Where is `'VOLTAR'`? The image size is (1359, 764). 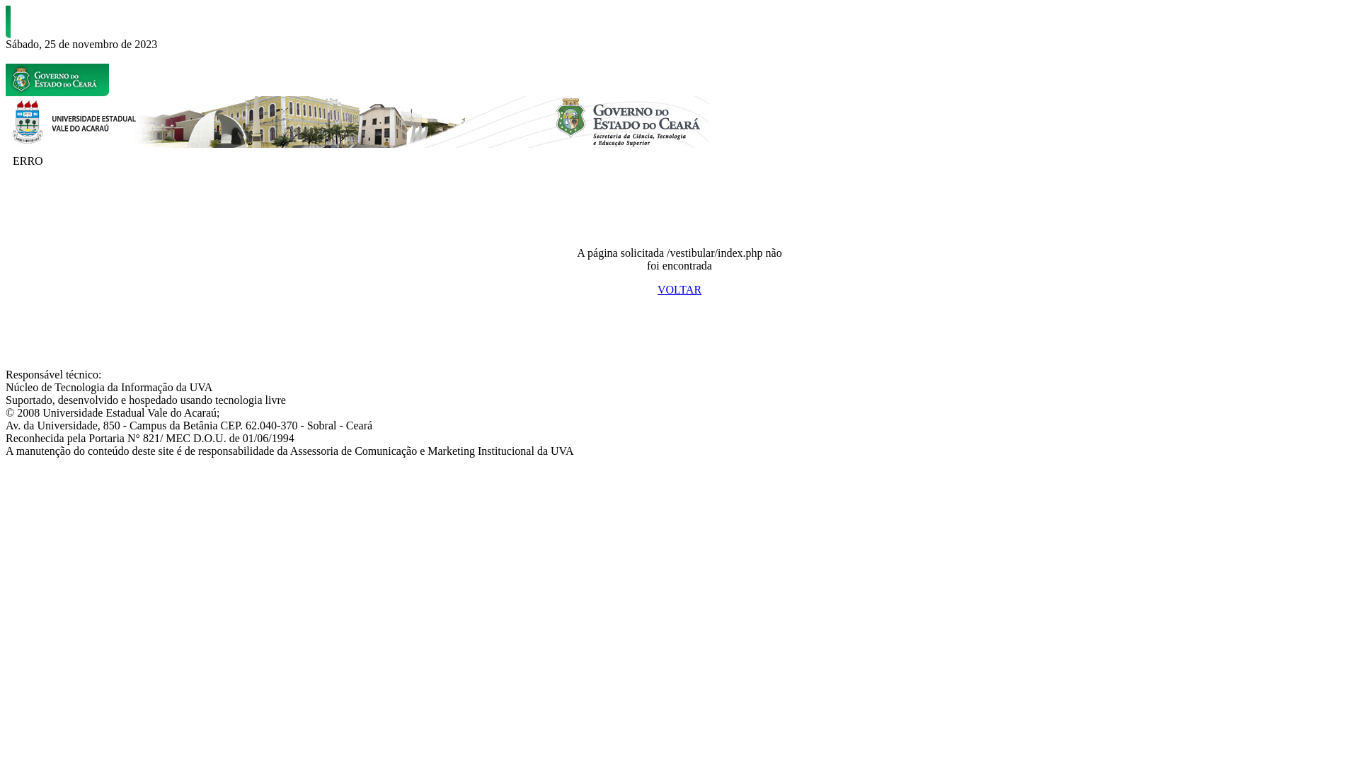 'VOLTAR' is located at coordinates (679, 289).